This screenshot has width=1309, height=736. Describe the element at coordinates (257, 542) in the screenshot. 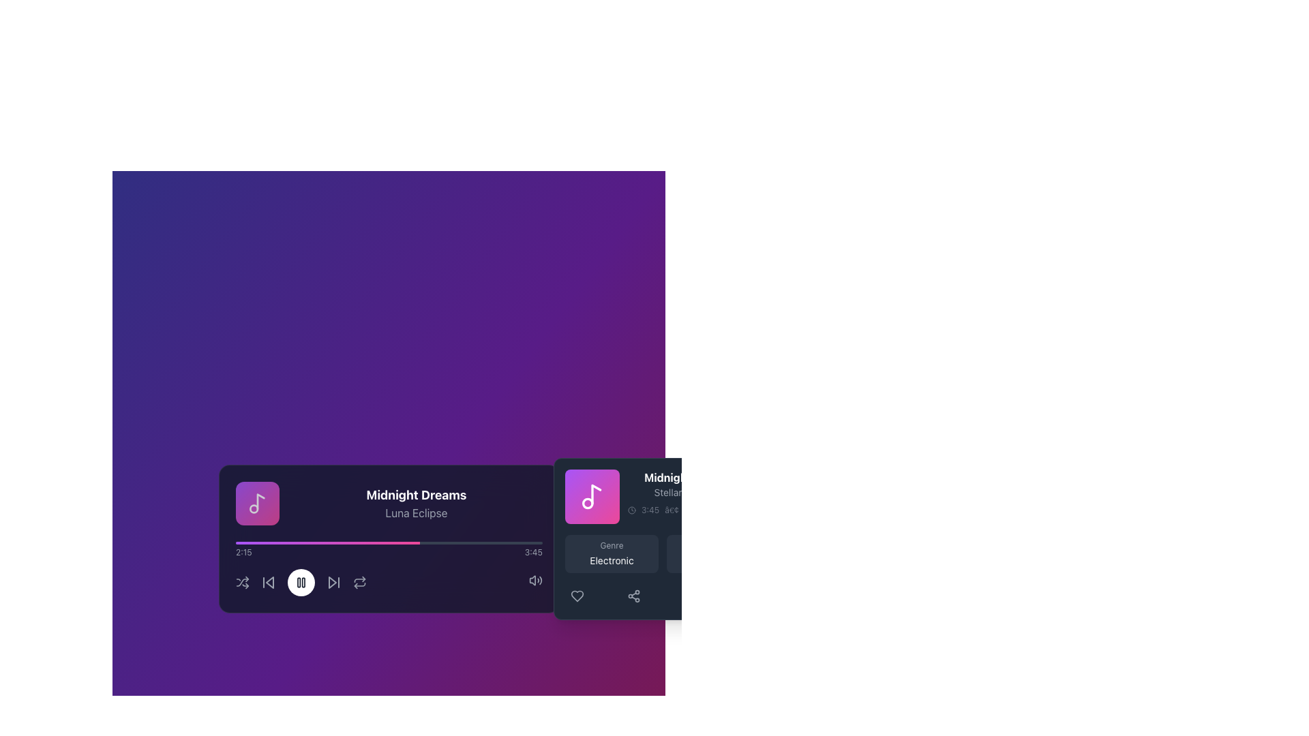

I see `playback progress` at that location.